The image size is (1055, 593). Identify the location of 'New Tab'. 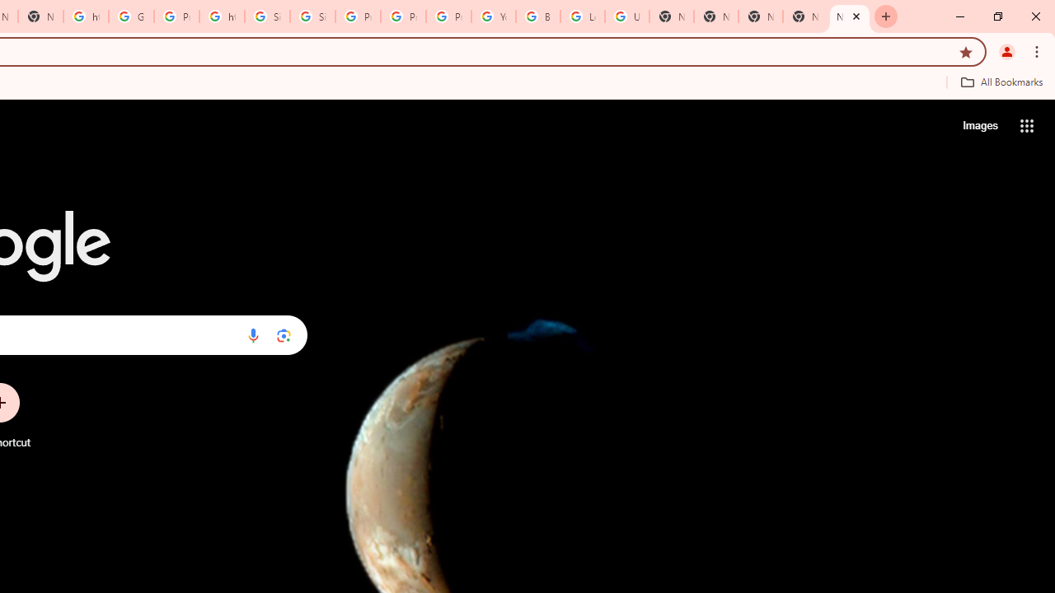
(850, 16).